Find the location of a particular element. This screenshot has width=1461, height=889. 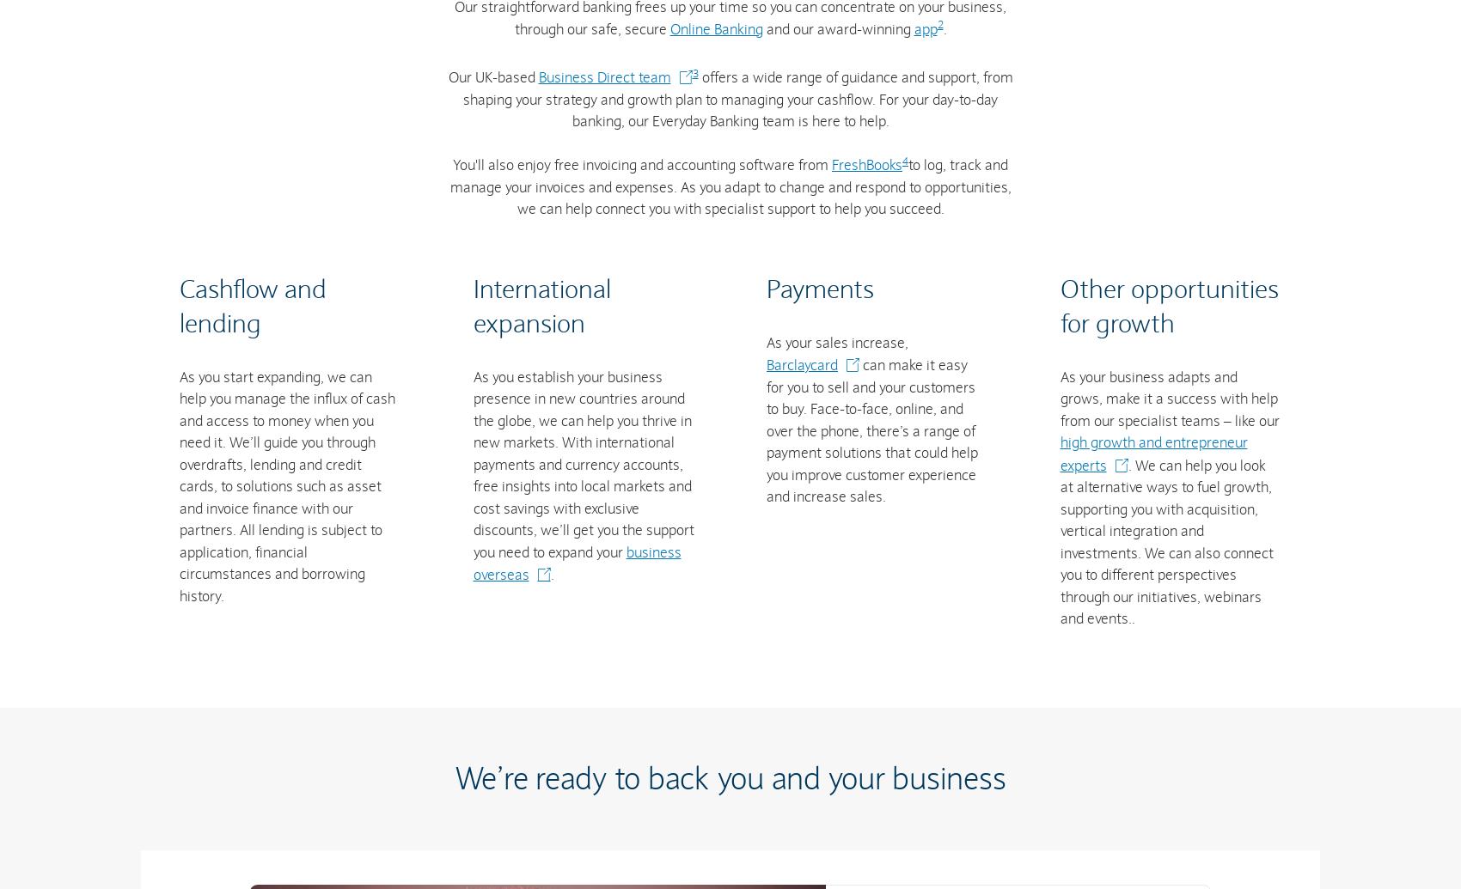

'Fraud prevention' is located at coordinates (392, 506).